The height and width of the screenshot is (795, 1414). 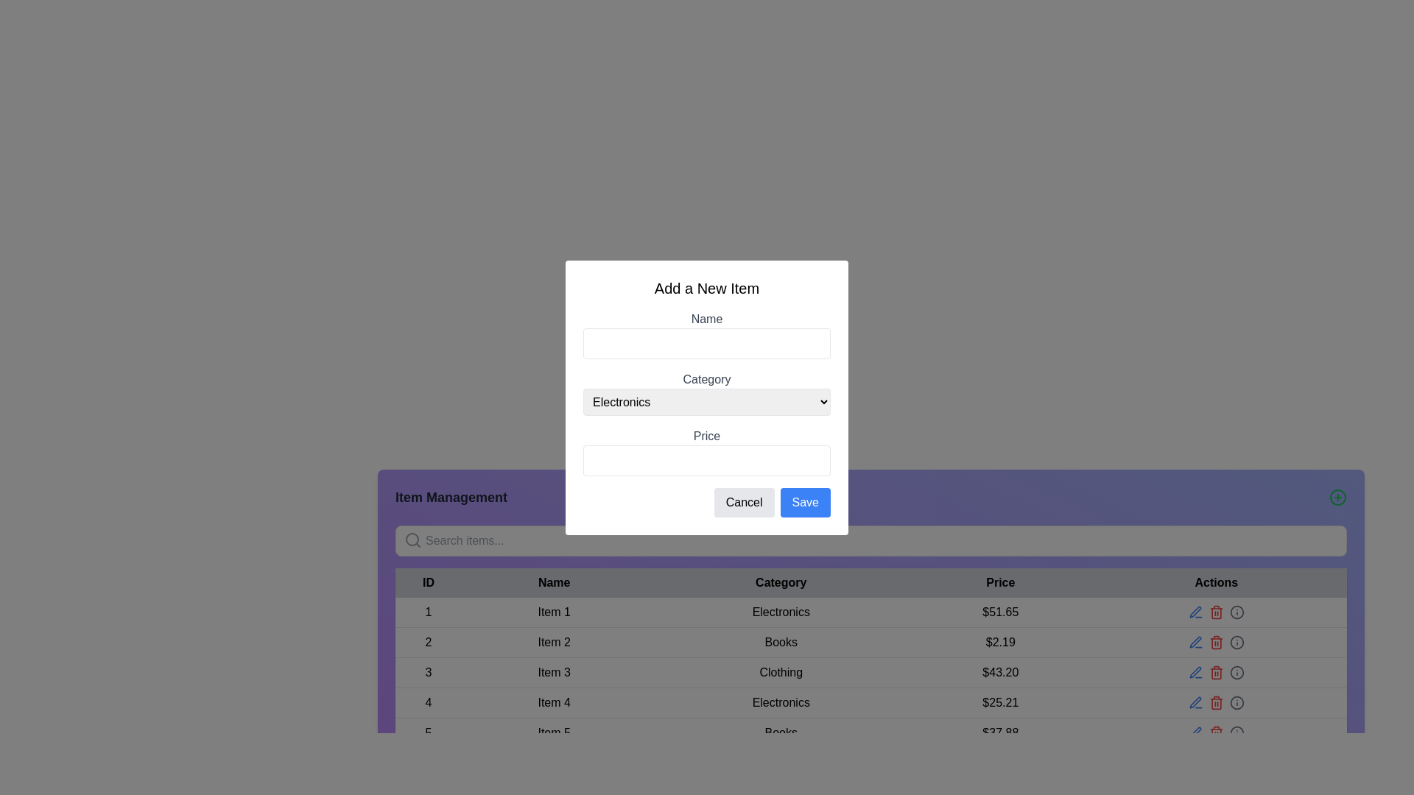 What do you see at coordinates (1216, 673) in the screenshot?
I see `the red trash can icon in the 'Actions' column` at bounding box center [1216, 673].